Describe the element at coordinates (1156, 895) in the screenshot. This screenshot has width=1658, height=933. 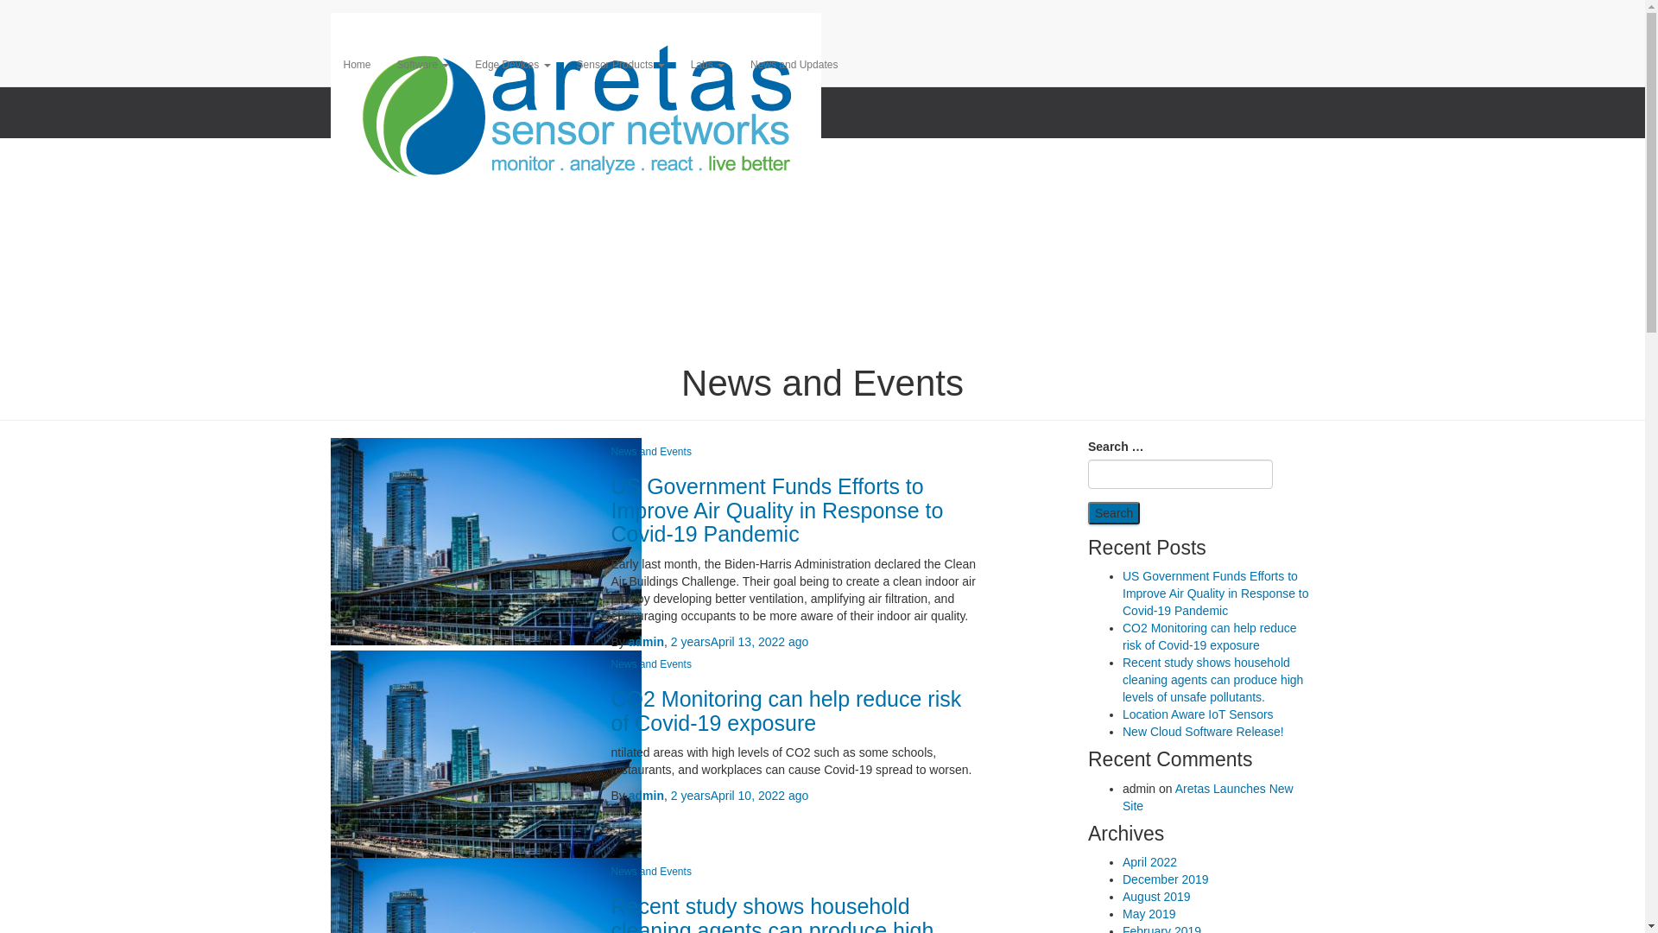
I see `'August 2019'` at that location.